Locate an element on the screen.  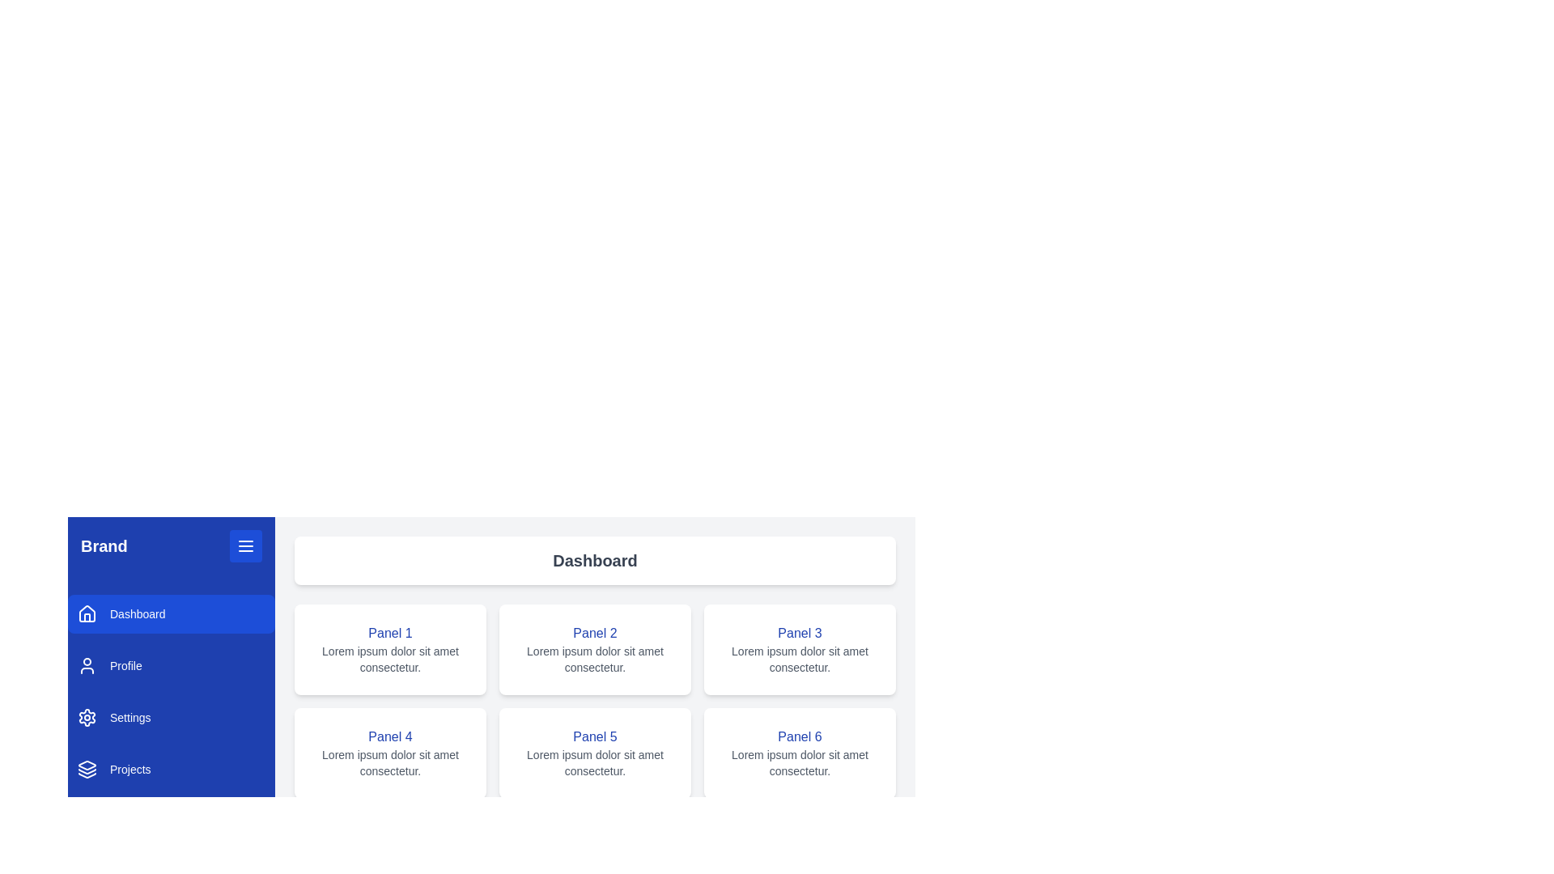
or read the text label 'Brand' which is styled in bold and large font on a blue background, located at the top-left section of the sidebar is located at coordinates (103, 546).